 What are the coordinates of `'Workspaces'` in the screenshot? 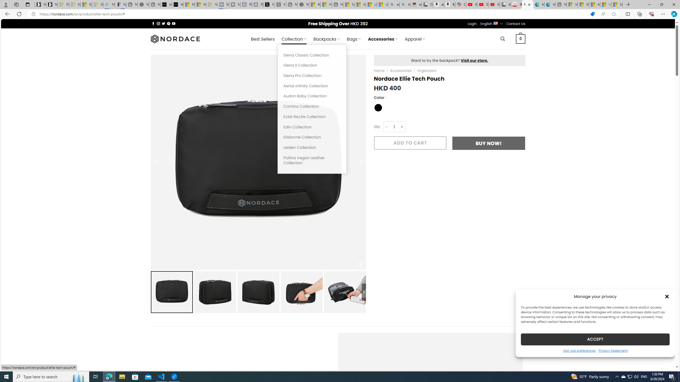 It's located at (16, 4).